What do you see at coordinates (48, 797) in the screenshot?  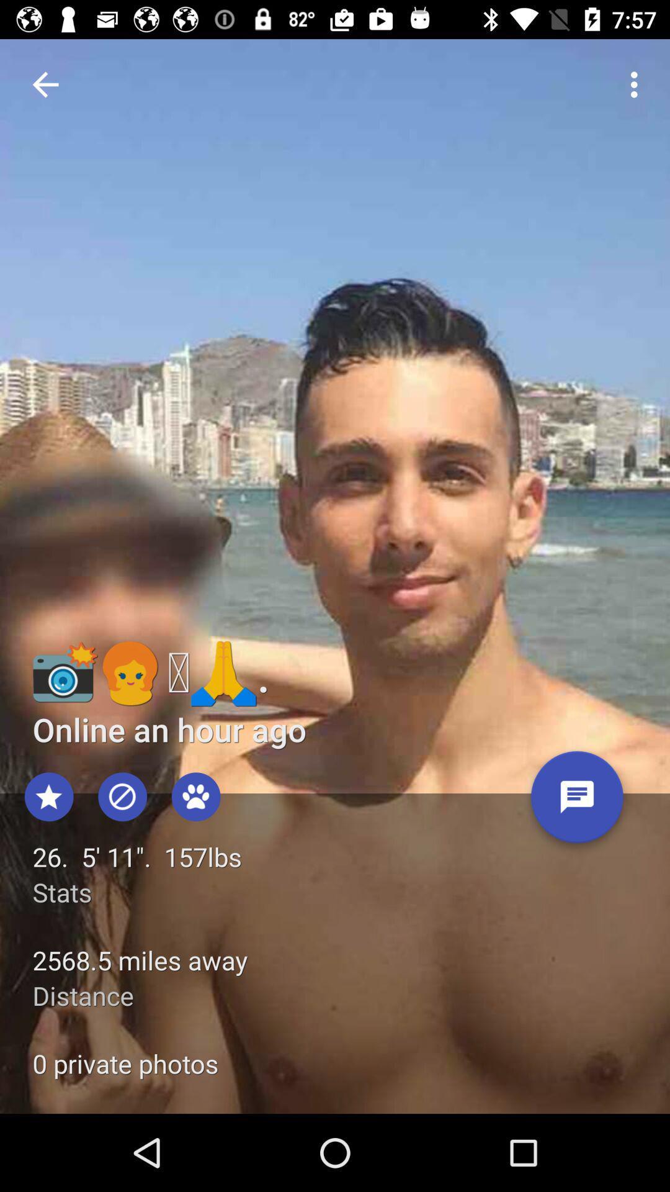 I see `the star icon` at bounding box center [48, 797].